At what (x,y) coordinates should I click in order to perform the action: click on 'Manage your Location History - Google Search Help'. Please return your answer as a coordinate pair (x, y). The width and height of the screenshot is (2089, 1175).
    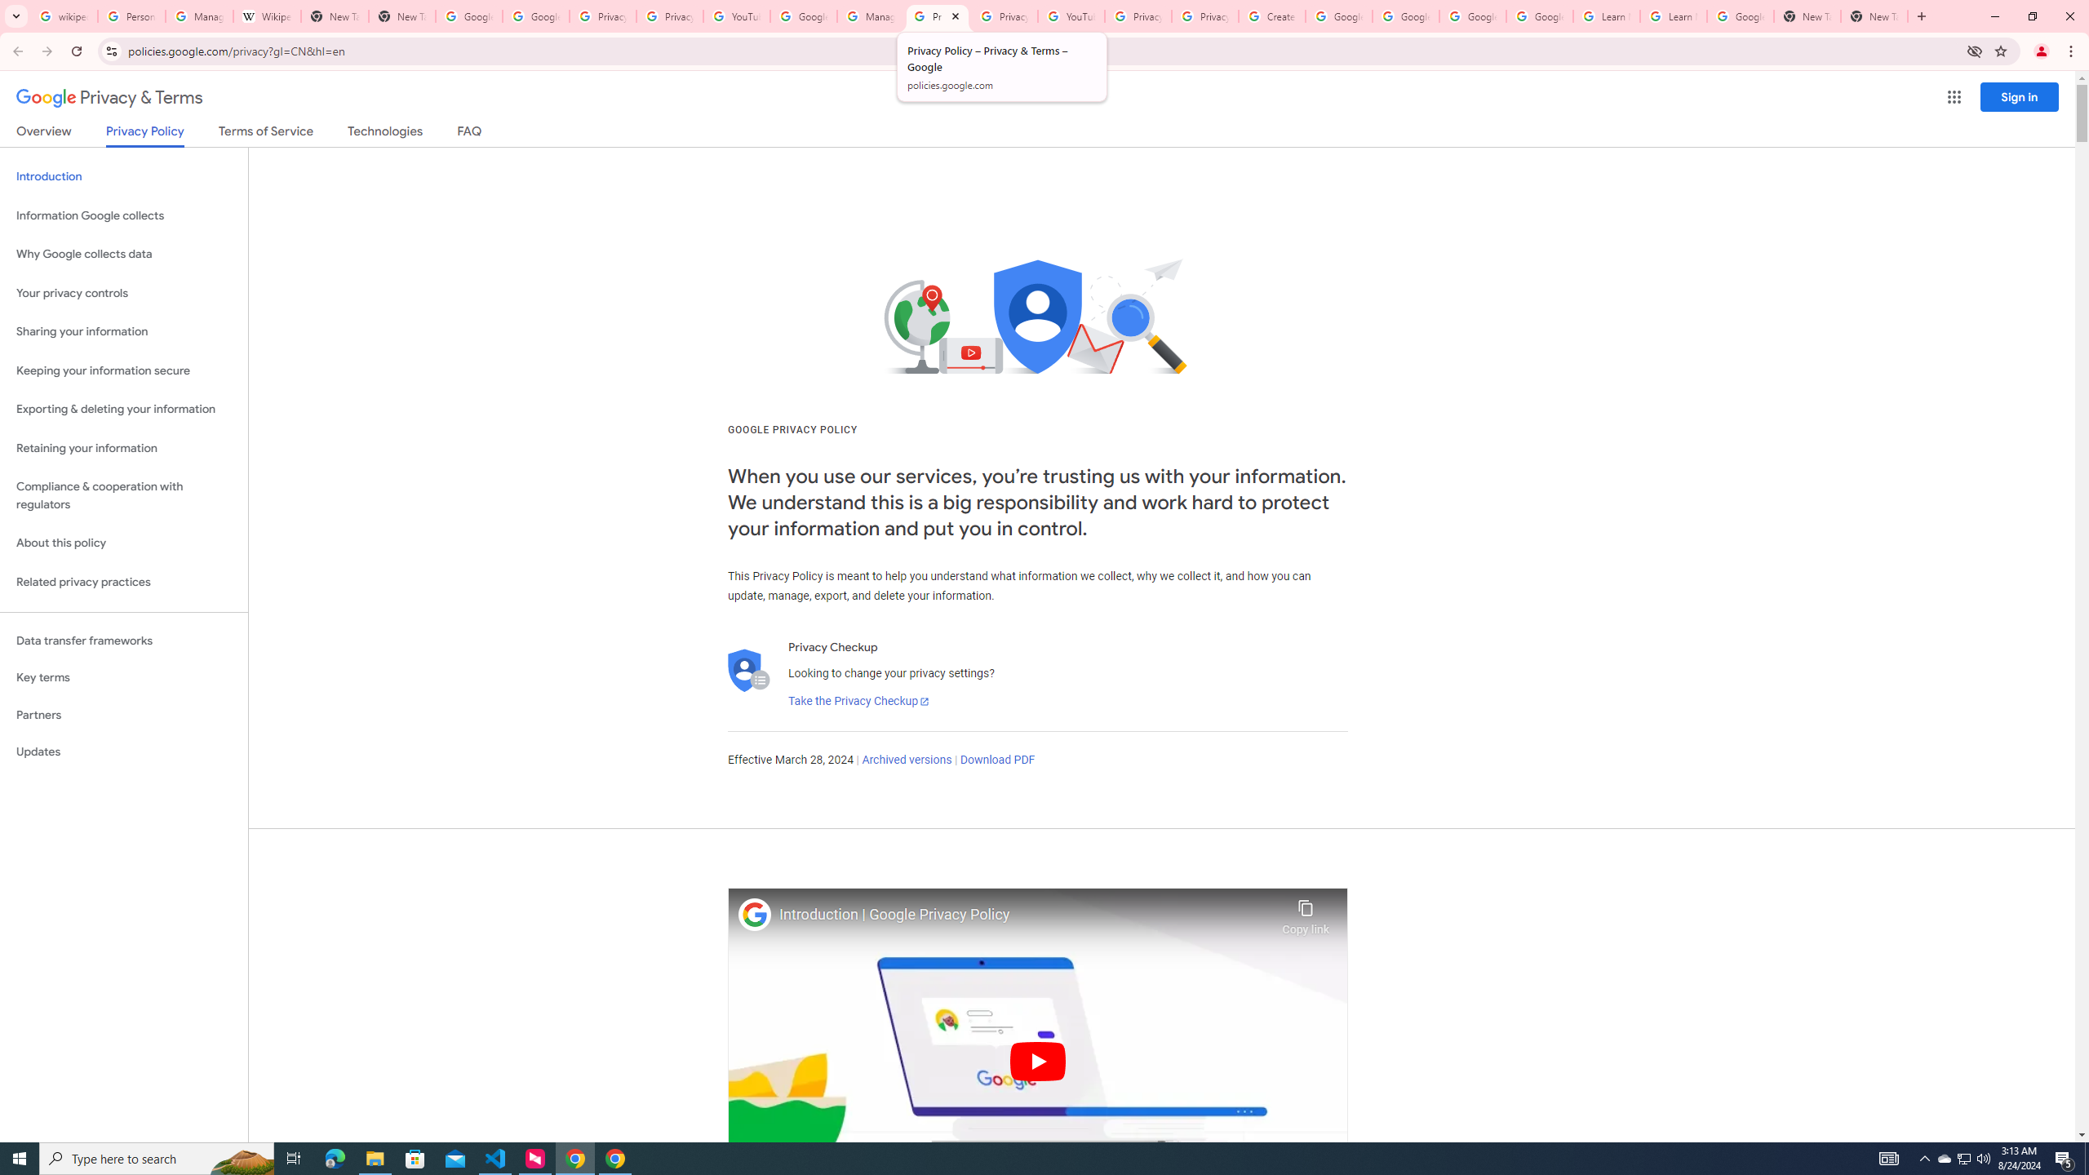
    Looking at the image, I should click on (199, 16).